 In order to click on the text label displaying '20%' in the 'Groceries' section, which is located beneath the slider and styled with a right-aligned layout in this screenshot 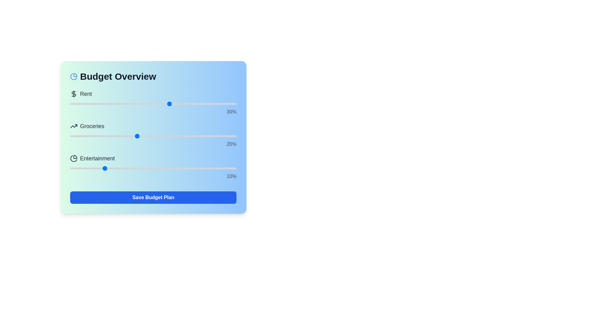, I will do `click(153, 144)`.